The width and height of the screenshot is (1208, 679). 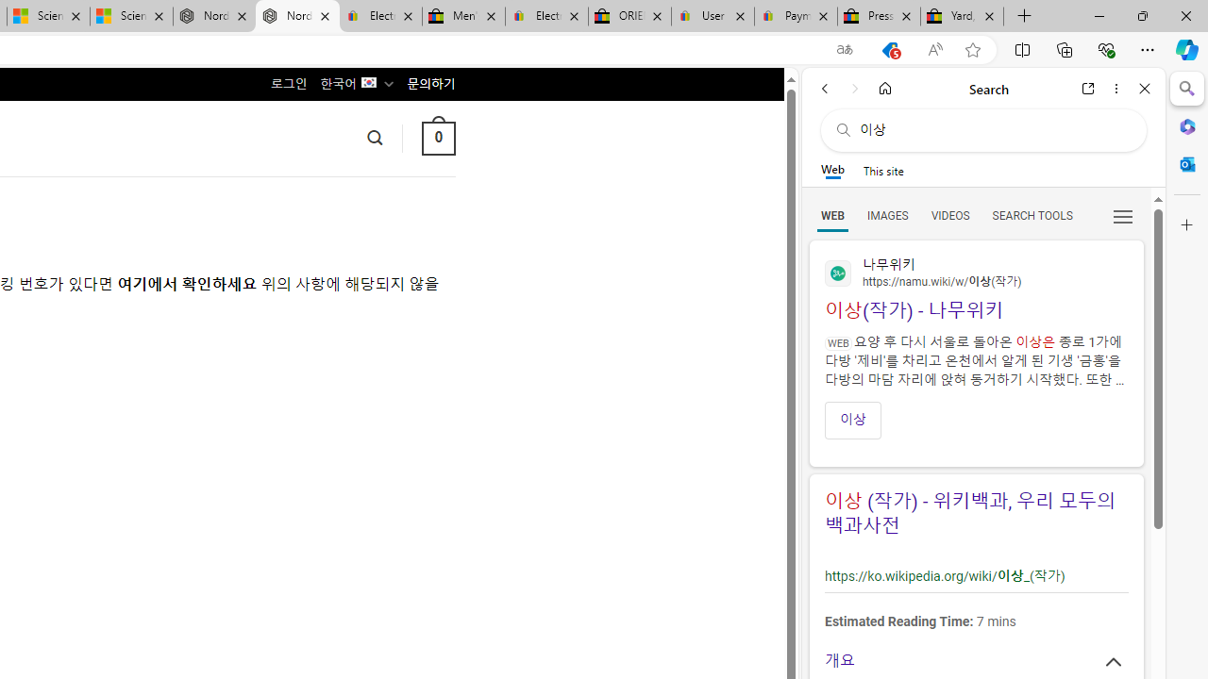 What do you see at coordinates (889, 49) in the screenshot?
I see `'This site has coupons! Shopping in Microsoft Edge, 5'` at bounding box center [889, 49].